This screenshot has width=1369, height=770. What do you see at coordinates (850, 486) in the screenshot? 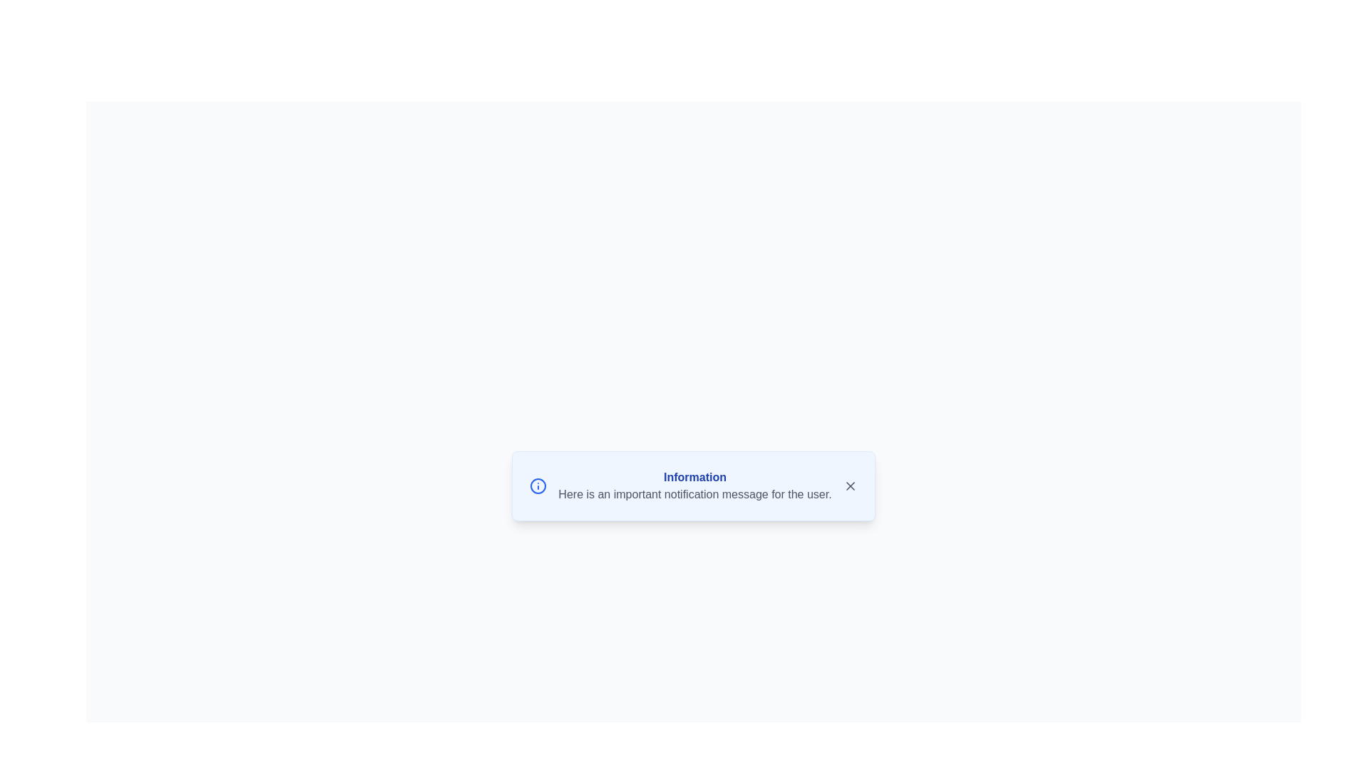
I see `the close button located at the far-right end of the notification panel` at bounding box center [850, 486].